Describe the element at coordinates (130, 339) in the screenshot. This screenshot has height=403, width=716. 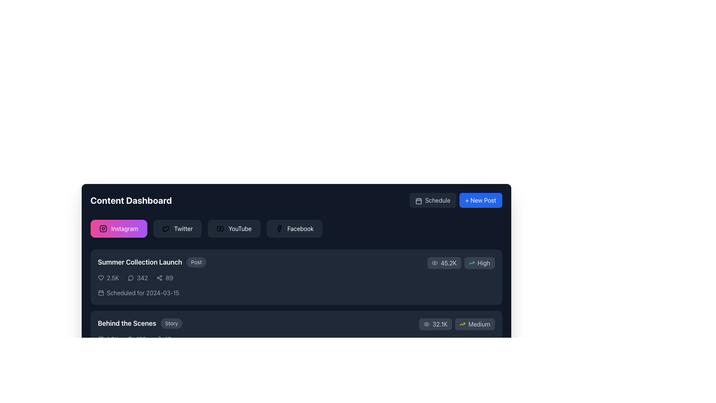
I see `the comment count icon located on the right side of the 'Behind the Scenes' section, which serves as a visual indicator for user interaction` at that location.